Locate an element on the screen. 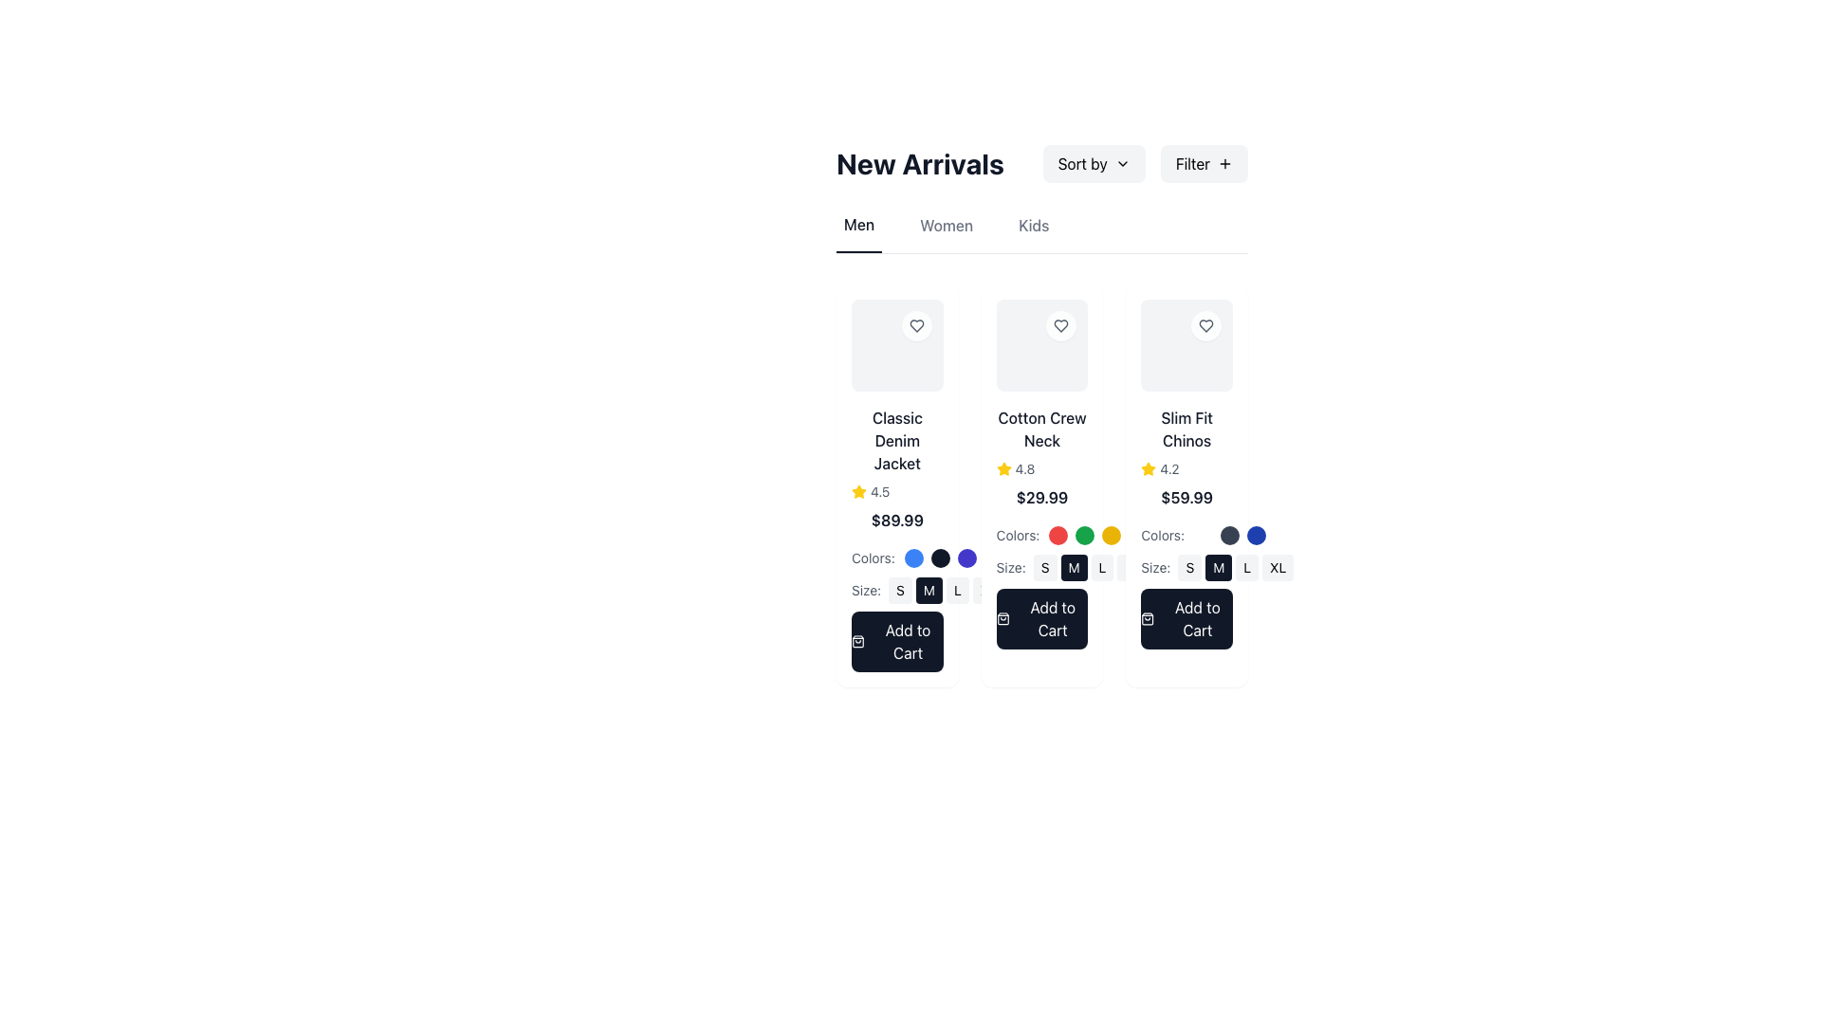 This screenshot has width=1821, height=1024. the color swatch in the Product Detail Card is located at coordinates (896, 539).